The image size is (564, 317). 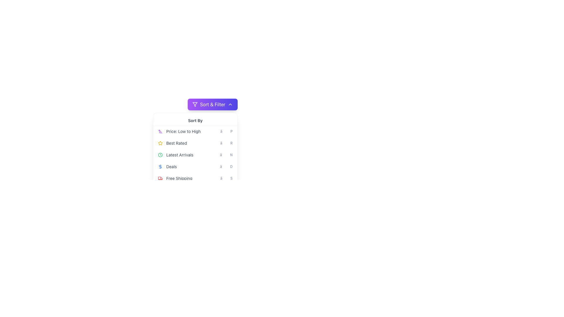 I want to click on the downward-pointing triangular filter icon located centrally within the purple 'Sort & Filter' button at the top of the interface, so click(x=195, y=104).